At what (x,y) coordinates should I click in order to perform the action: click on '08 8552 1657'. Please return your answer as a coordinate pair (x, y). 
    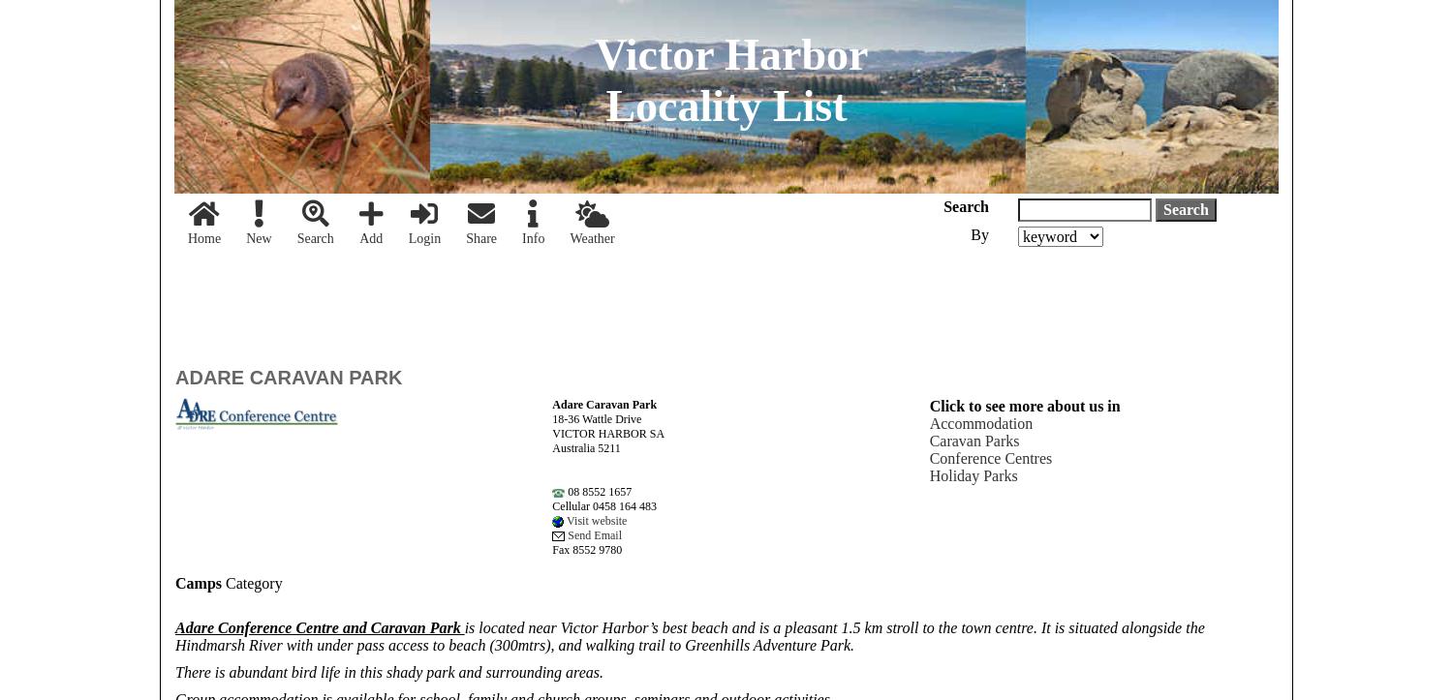
    Looking at the image, I should click on (564, 490).